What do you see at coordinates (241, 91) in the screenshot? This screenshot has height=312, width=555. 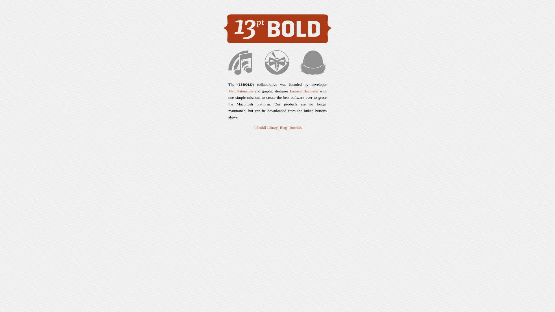 I see `'Matt Patenaude'` at bounding box center [241, 91].